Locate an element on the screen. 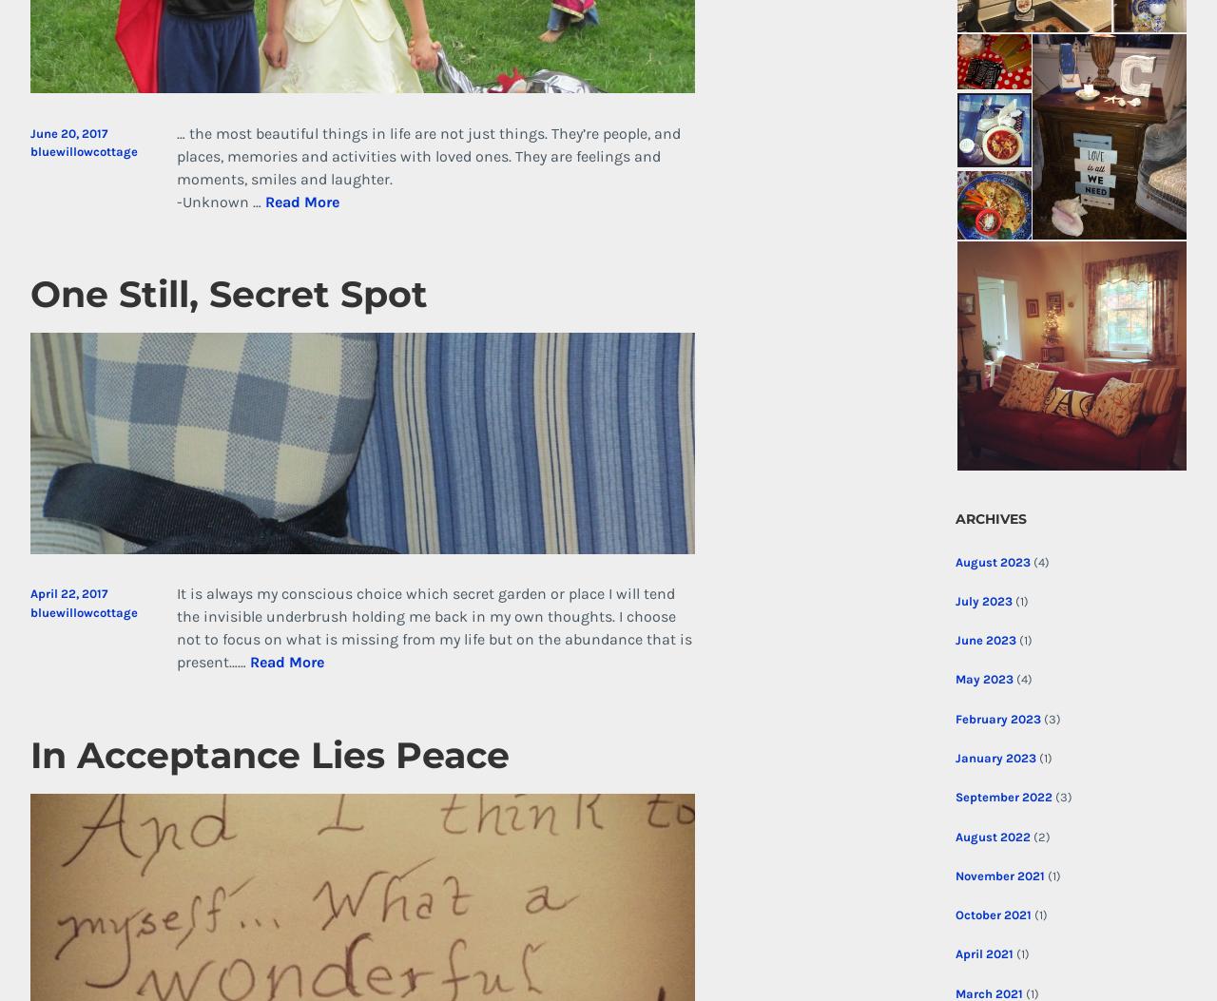  'August 2023' is located at coordinates (991, 561).